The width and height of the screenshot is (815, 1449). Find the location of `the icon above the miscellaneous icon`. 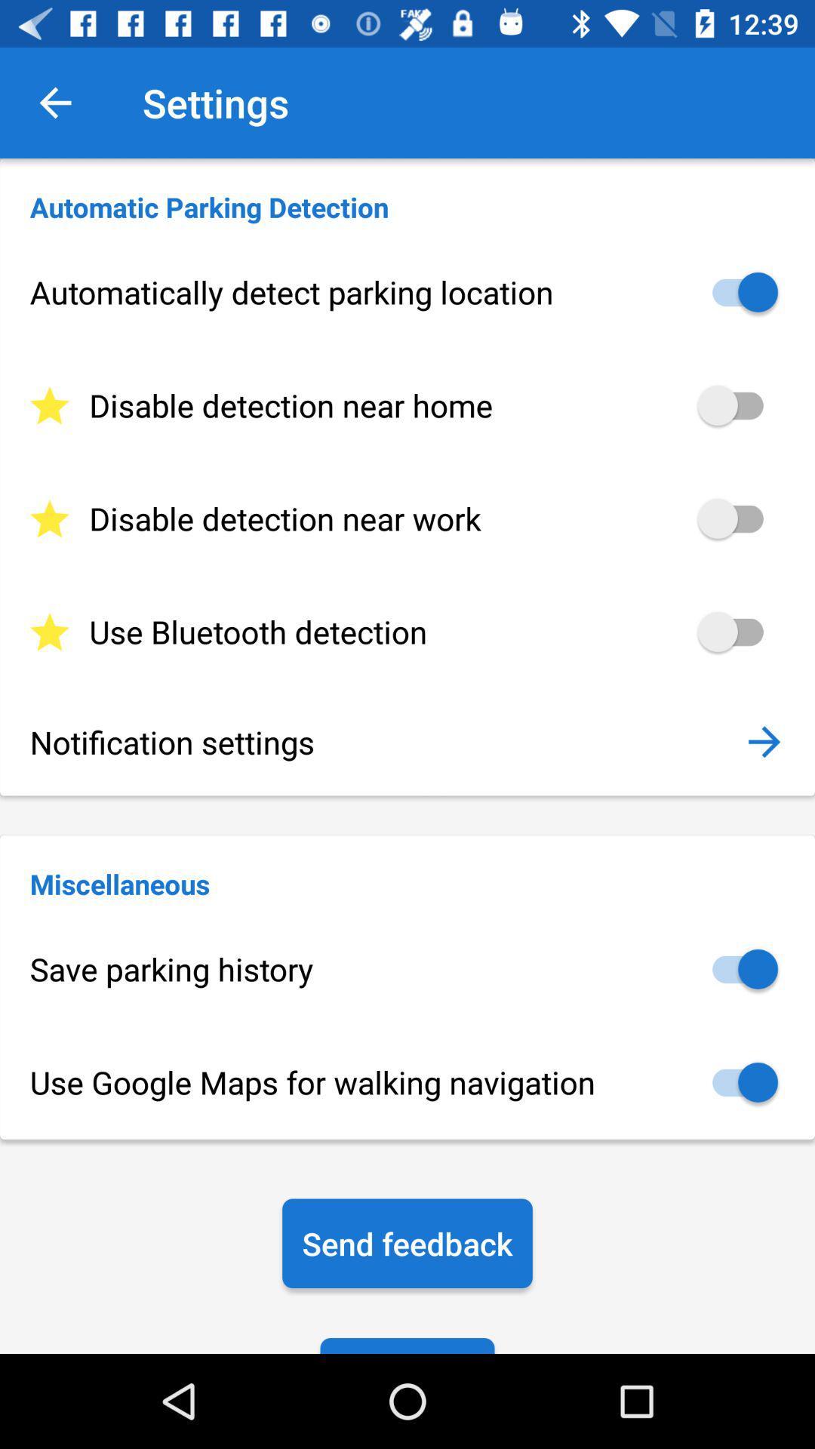

the icon above the miscellaneous icon is located at coordinates (764, 742).